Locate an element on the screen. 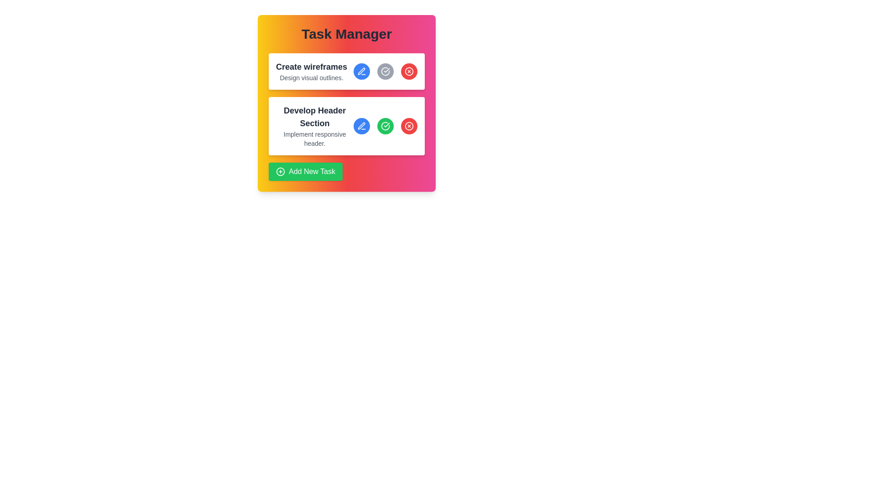 This screenshot has height=492, width=876. the deletion or cancellation button icon, which is the third icon in the horizontal set to the right of 'Develop Header Section' is located at coordinates (409, 71).